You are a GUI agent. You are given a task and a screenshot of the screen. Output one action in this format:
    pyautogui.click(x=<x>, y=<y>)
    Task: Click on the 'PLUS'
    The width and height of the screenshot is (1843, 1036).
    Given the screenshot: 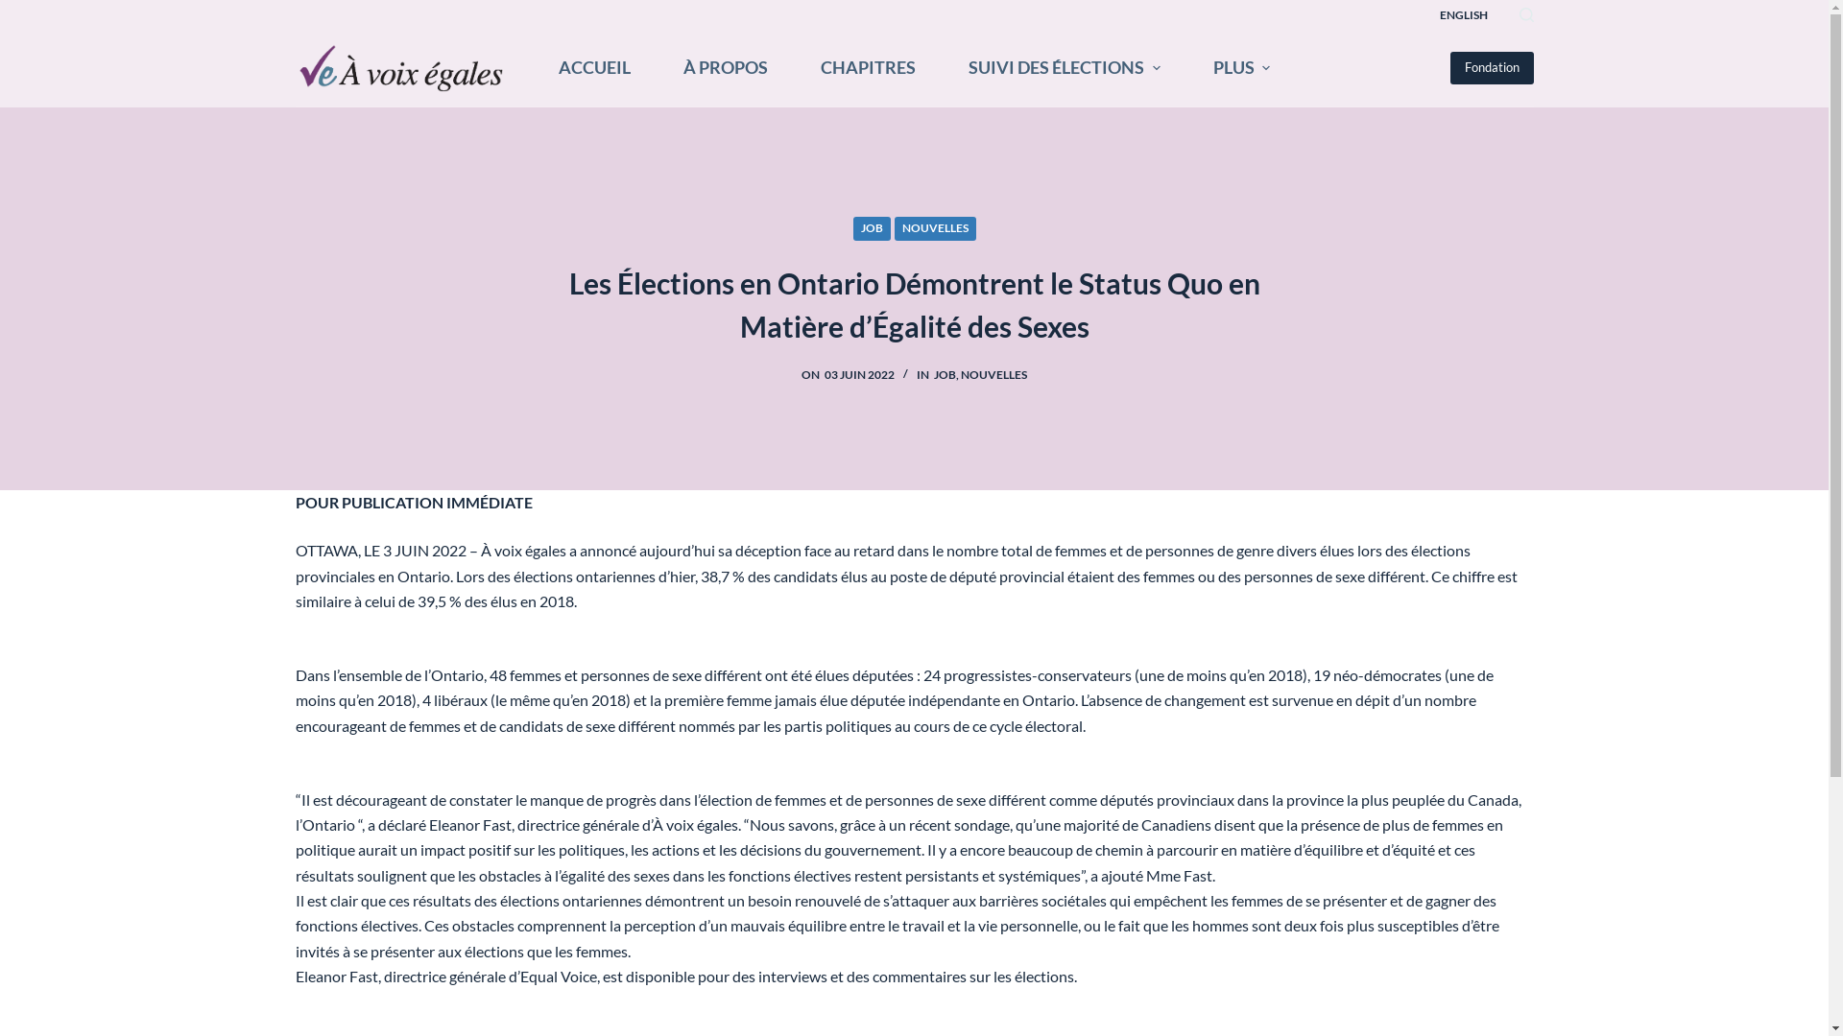 What is the action you would take?
    pyautogui.click(x=1241, y=66)
    